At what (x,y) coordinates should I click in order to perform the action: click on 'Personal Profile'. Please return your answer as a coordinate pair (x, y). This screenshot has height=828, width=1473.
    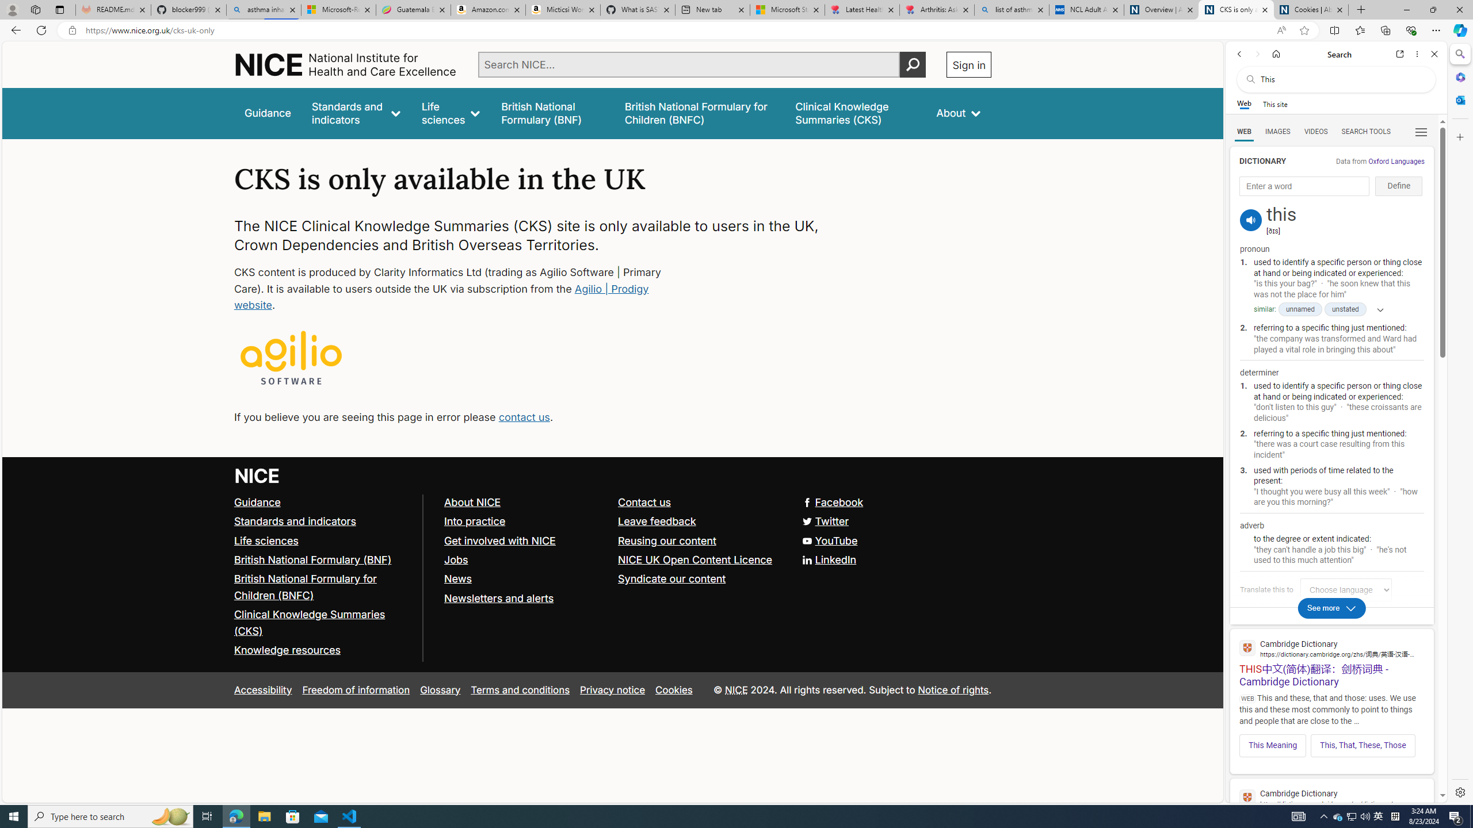
    Looking at the image, I should click on (12, 9).